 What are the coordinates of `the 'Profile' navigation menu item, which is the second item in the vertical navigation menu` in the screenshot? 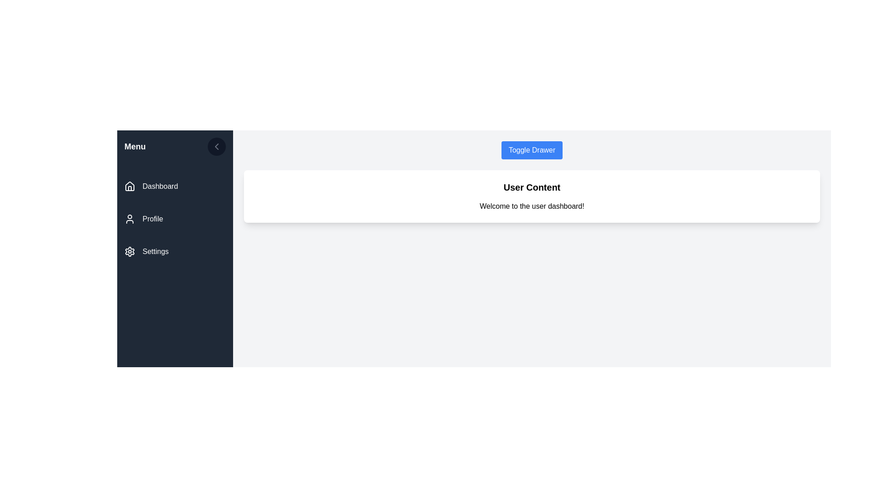 It's located at (175, 219).